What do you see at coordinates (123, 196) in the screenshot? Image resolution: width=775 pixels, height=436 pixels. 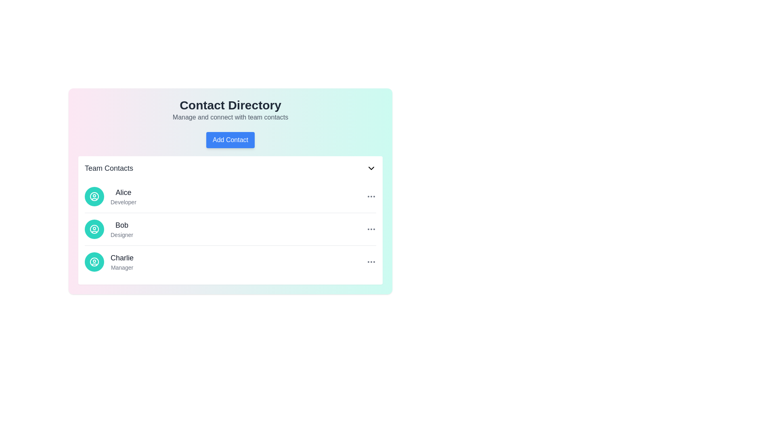 I see `the text label that displays 'Alice' in bold and 'Developer' in smaller gray font, which is the first entry in the list of contact information blocks under the 'Team Contacts' header` at bounding box center [123, 196].